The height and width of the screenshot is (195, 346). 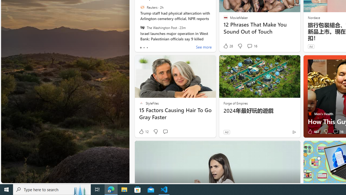 What do you see at coordinates (142, 27) in the screenshot?
I see `'The Washington Post'` at bounding box center [142, 27].